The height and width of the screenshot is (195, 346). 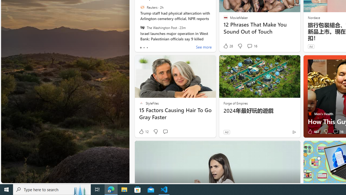 What do you see at coordinates (142, 27) in the screenshot?
I see `'The Washington Post'` at bounding box center [142, 27].